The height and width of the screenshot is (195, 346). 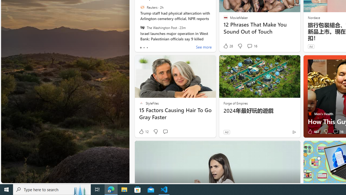 What do you see at coordinates (142, 27) in the screenshot?
I see `'The Washington Post'` at bounding box center [142, 27].